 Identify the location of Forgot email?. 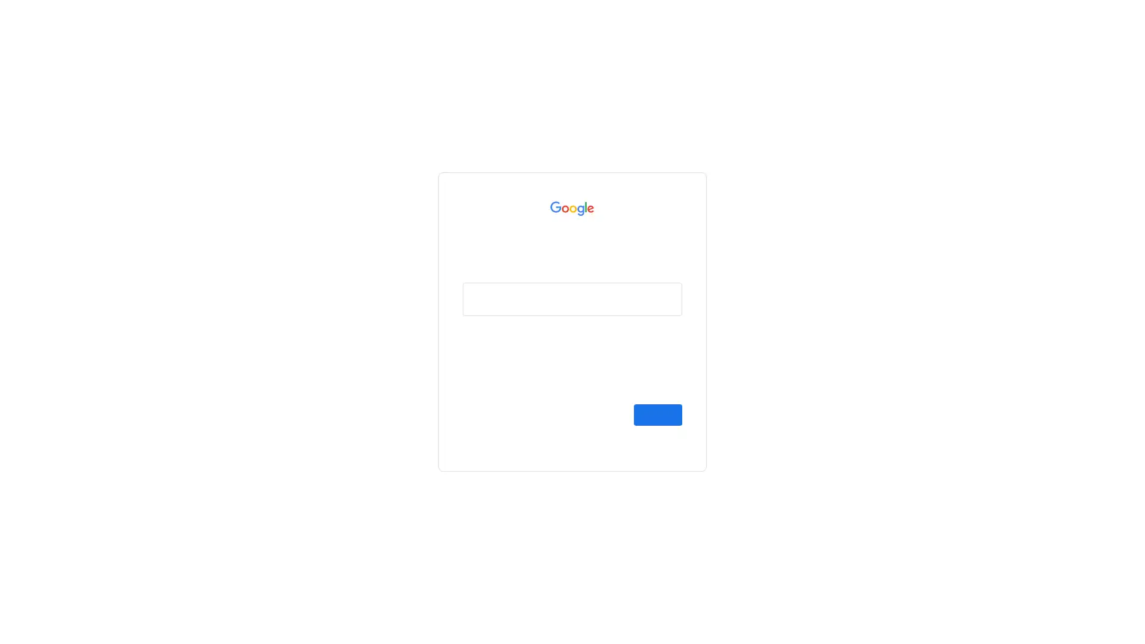
(490, 326).